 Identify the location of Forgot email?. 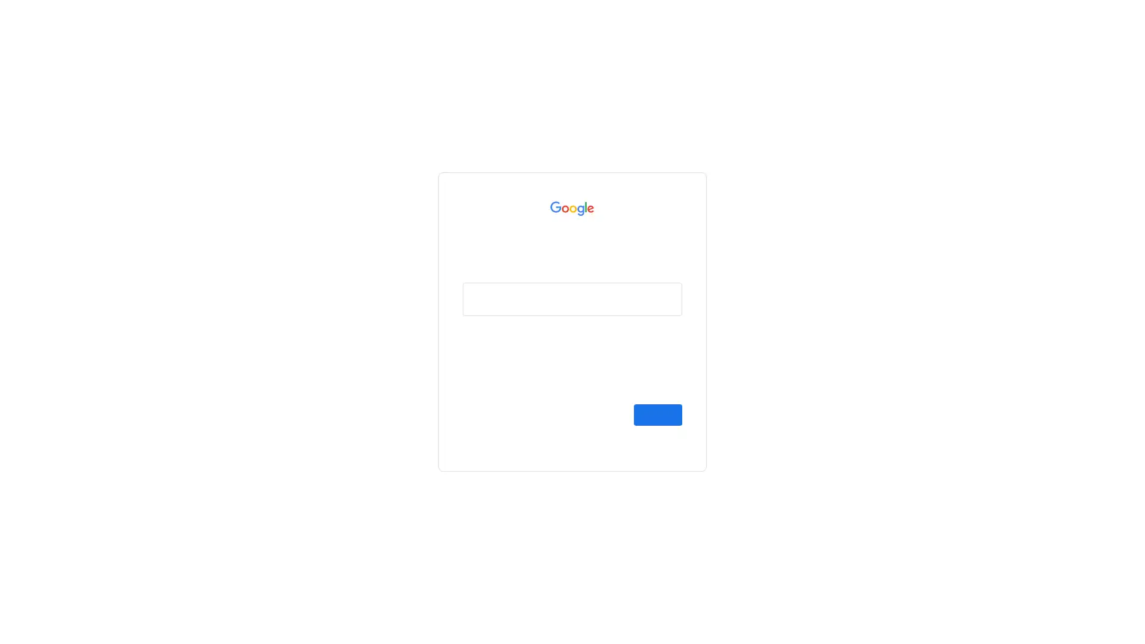
(490, 326).